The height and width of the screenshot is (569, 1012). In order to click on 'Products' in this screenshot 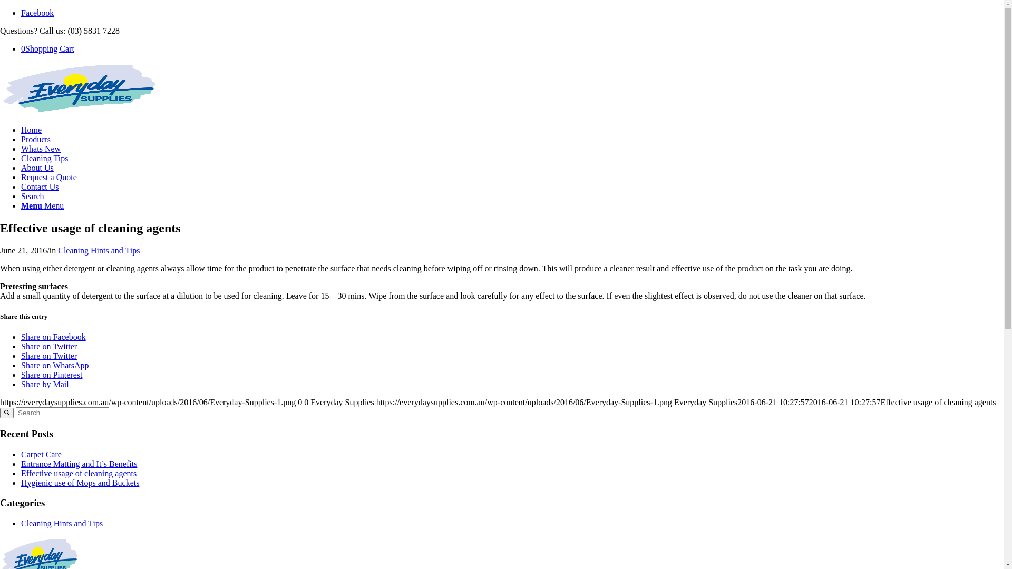, I will do `click(21, 139)`.